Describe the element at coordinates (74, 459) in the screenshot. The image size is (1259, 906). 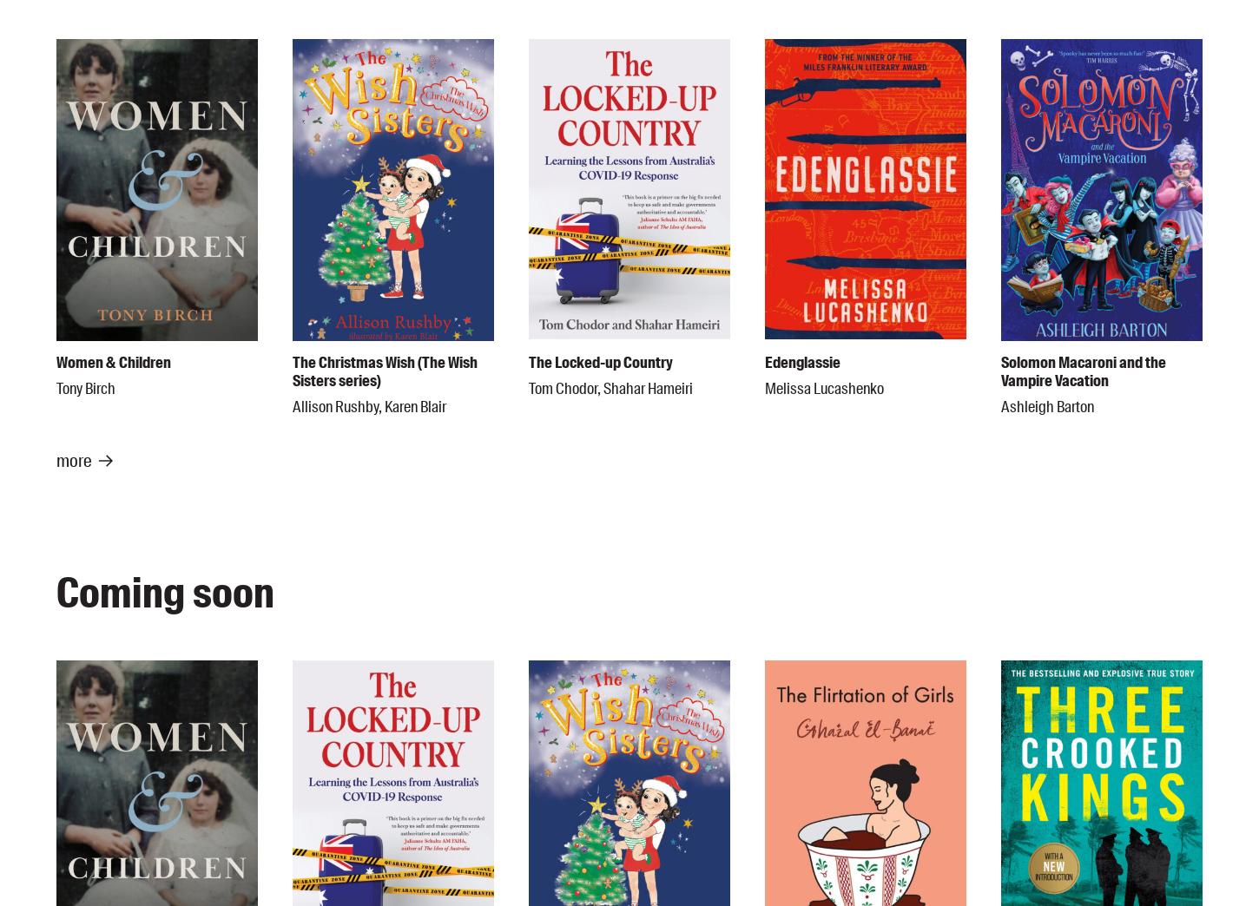
I see `'more'` at that location.